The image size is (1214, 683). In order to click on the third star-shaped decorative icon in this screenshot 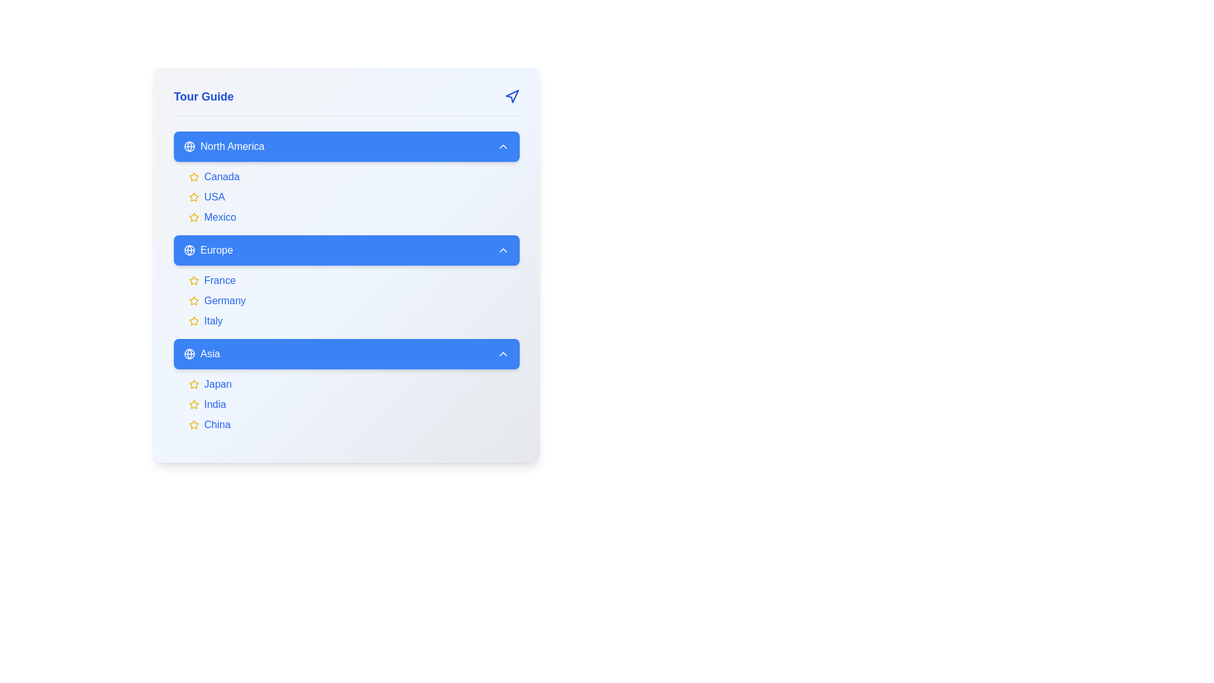, I will do `click(193, 216)`.